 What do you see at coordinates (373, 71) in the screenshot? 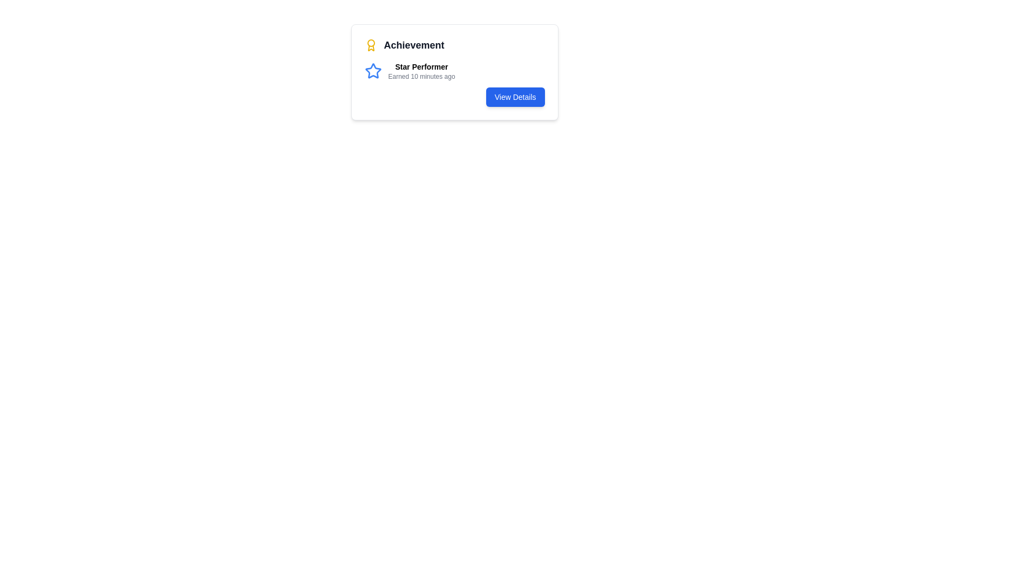
I see `the blue outlined star icon representing 'Star Performer'` at bounding box center [373, 71].